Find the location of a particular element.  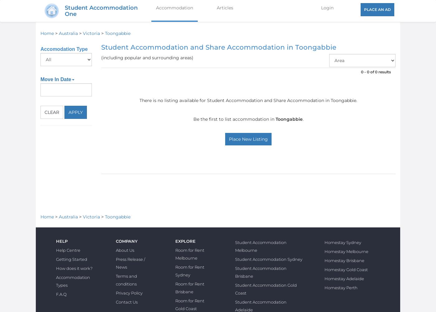

'Help' is located at coordinates (62, 241).